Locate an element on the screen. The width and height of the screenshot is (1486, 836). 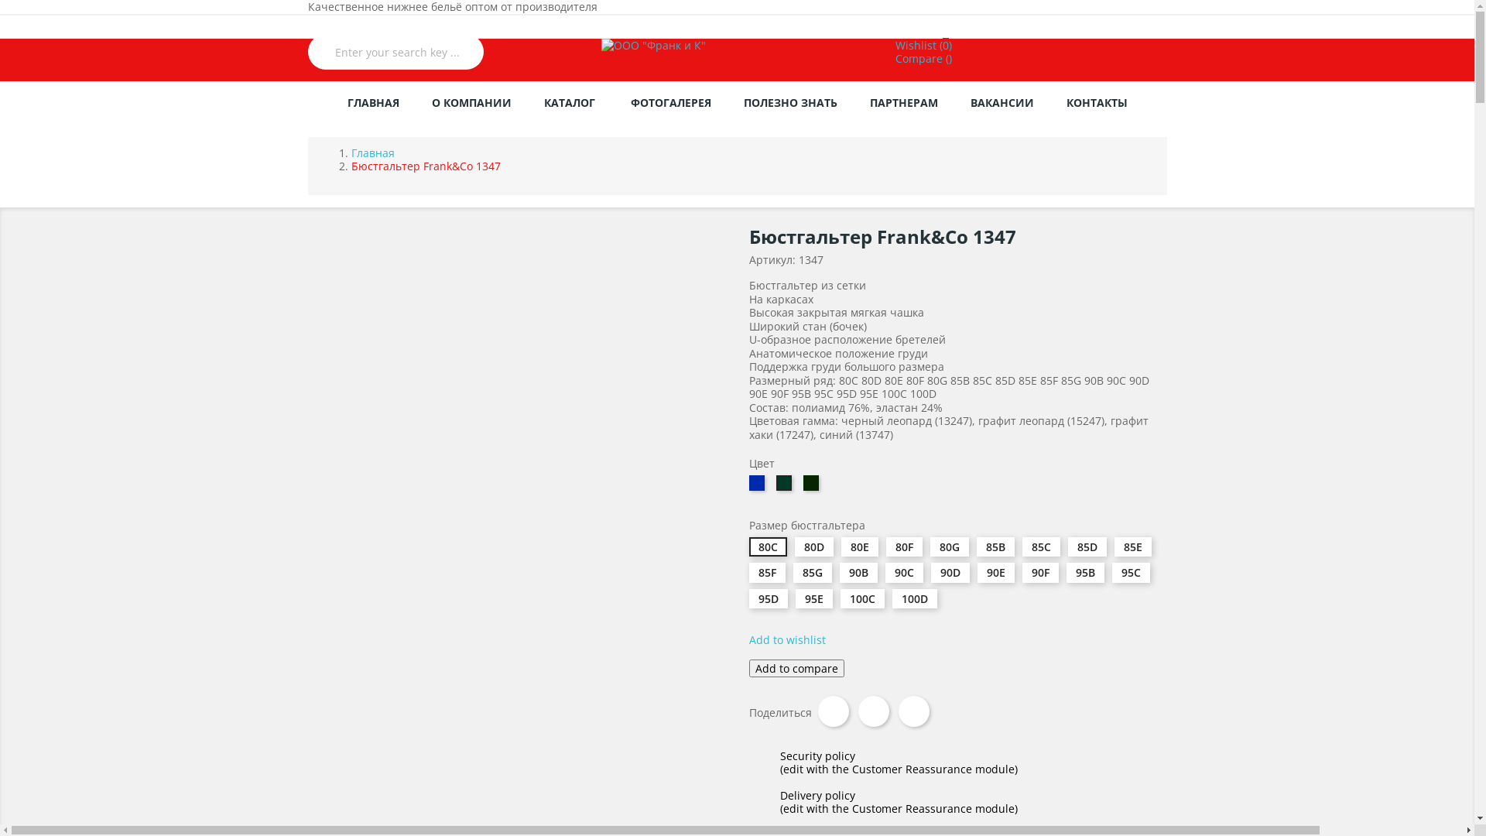
'Pinterest' is located at coordinates (898, 711).